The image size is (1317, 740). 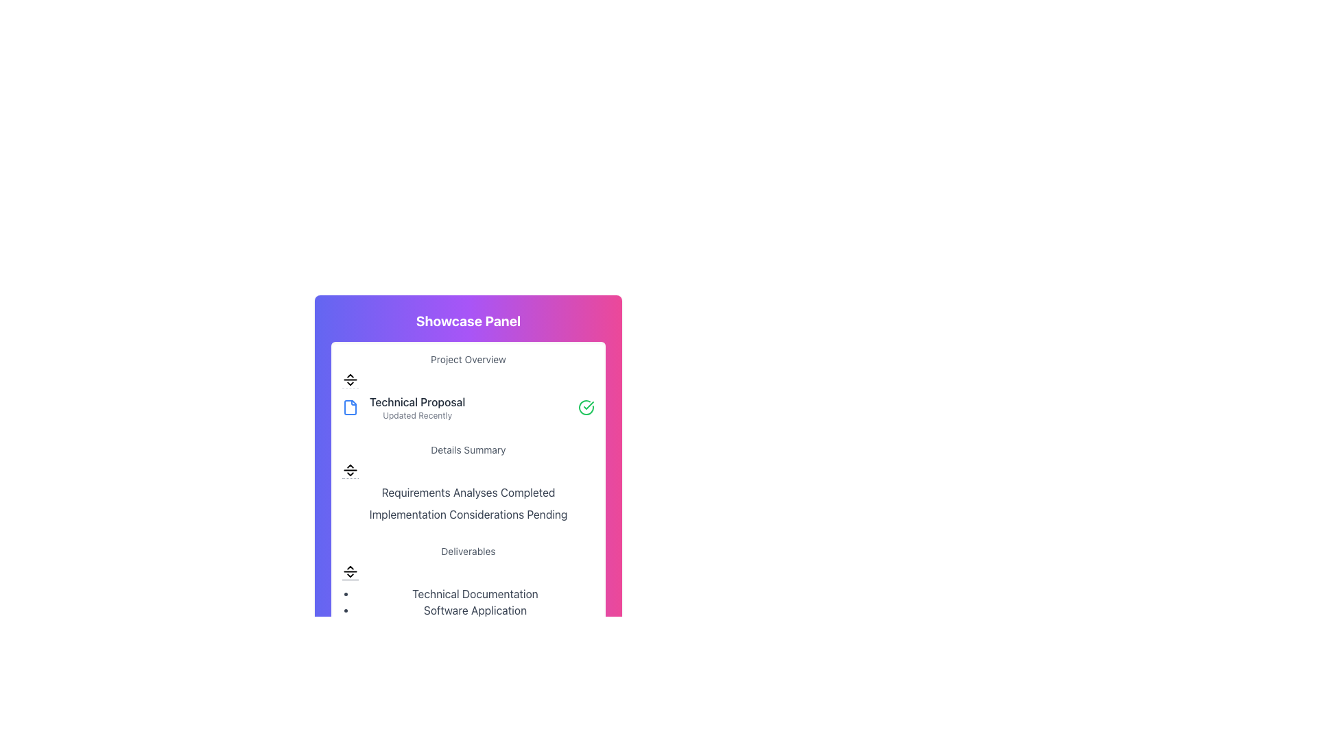 What do you see at coordinates (589, 404) in the screenshot?
I see `the status icon indicating the completion or confirmation status of the 'Technical Proposal' section, located near the text 'Technical Proposal Updated Recently'` at bounding box center [589, 404].